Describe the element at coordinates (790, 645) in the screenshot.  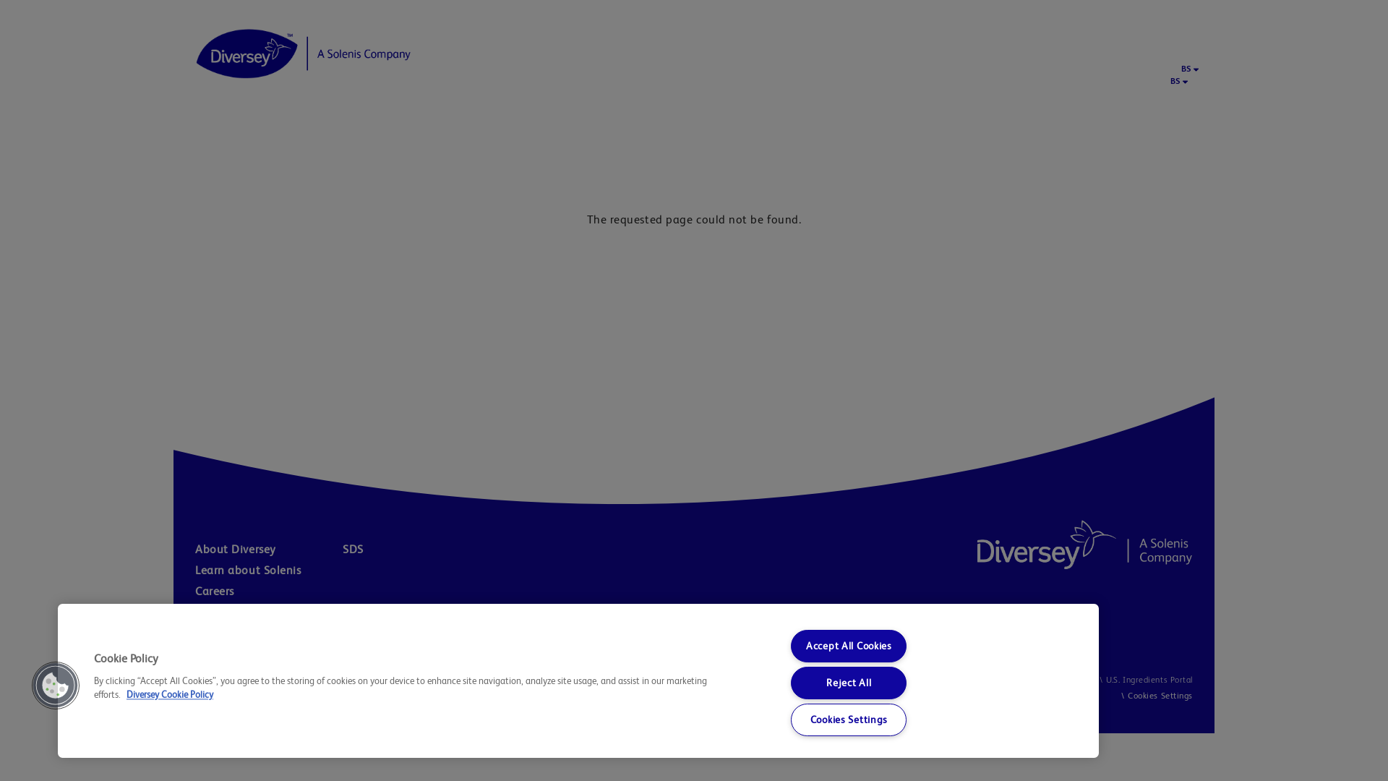
I see `'Accept All Cookies'` at that location.